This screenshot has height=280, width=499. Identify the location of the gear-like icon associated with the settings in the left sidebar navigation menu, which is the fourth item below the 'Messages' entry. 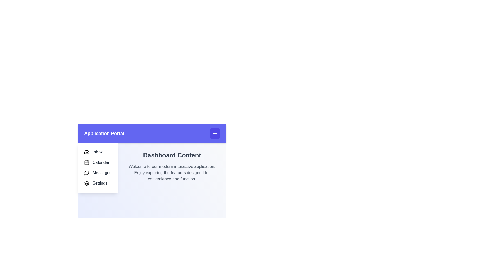
(87, 183).